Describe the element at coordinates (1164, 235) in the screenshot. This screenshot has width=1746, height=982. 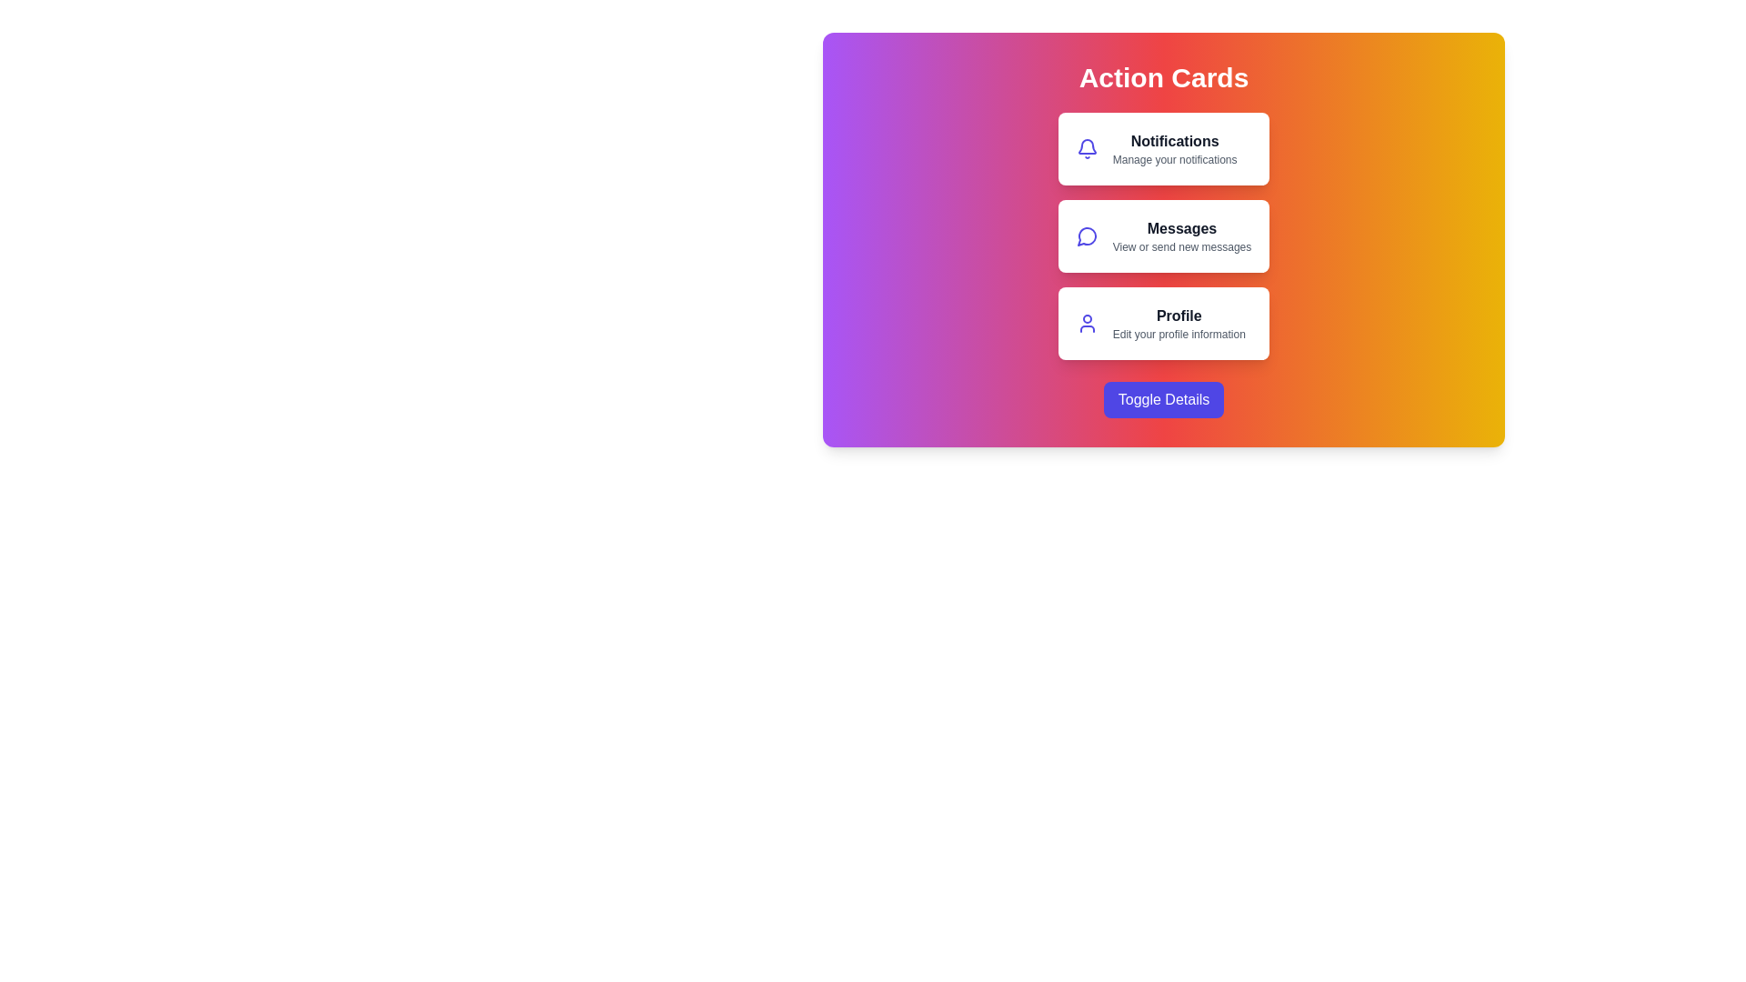
I see `on the second clickable card in the vertical stack that navigates` at that location.